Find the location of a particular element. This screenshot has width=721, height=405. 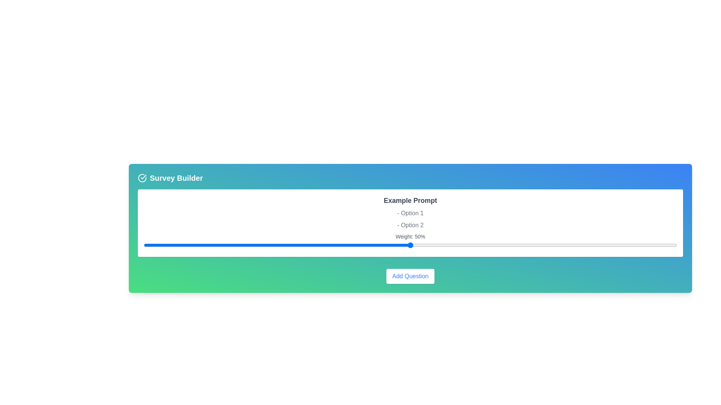

'Add Question' button to add a new question is located at coordinates (410, 276).